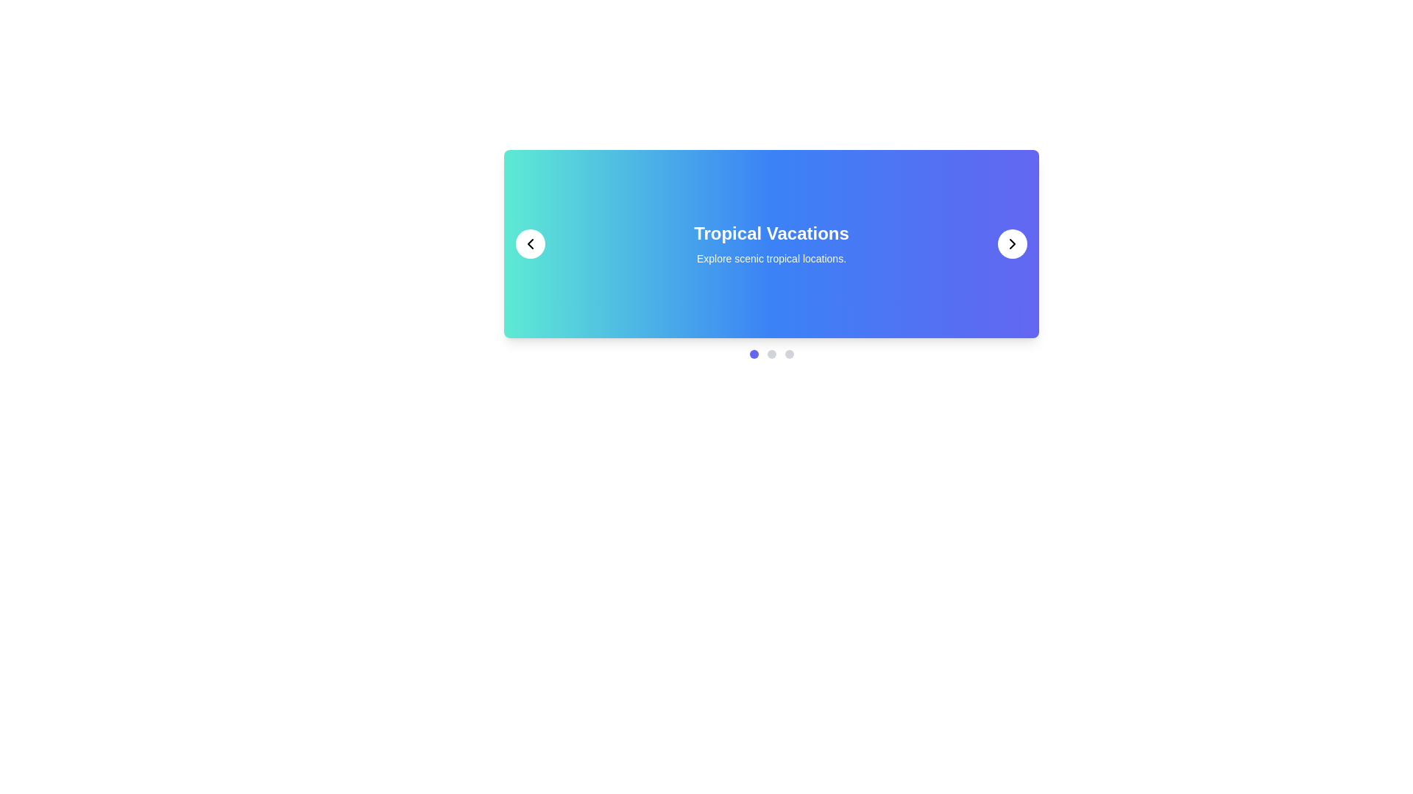  Describe the element at coordinates (788, 354) in the screenshot. I see `the third interactive indicator dot in the carousel` at that location.